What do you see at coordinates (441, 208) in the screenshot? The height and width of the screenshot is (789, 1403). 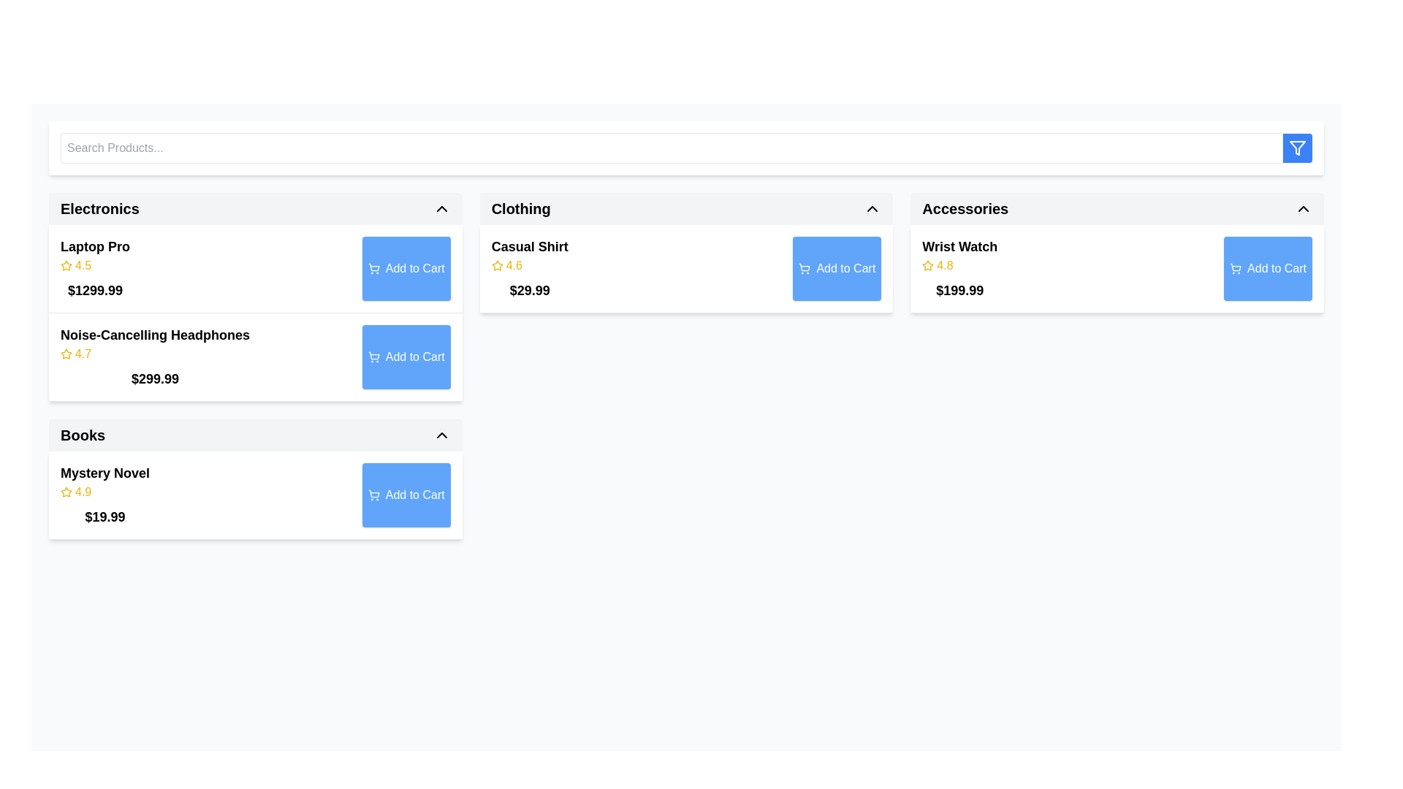 I see `the upward-pointing chevron icon located at the top-right corner of the 'Electronics' section header` at bounding box center [441, 208].